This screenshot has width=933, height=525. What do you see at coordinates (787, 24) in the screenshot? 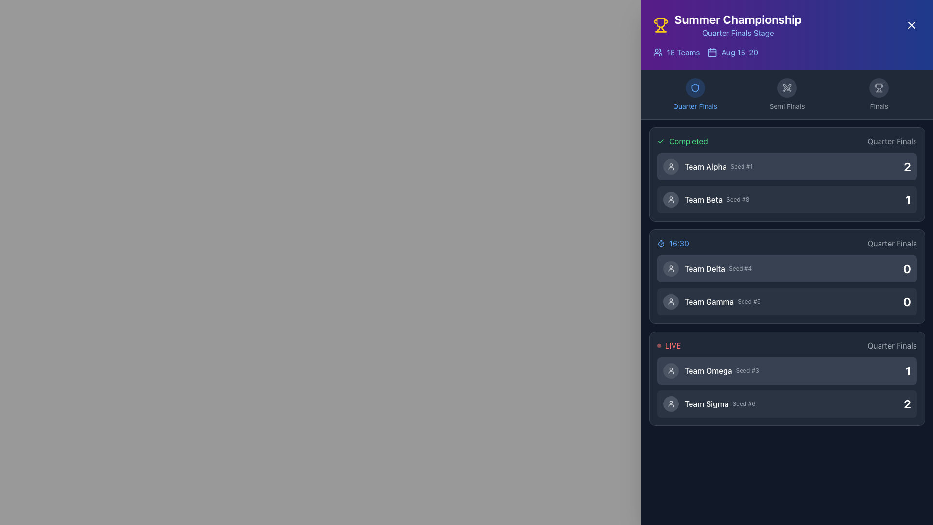
I see `text content of the header section located at the top of the panel, which provides a summary of the context or topic` at bounding box center [787, 24].